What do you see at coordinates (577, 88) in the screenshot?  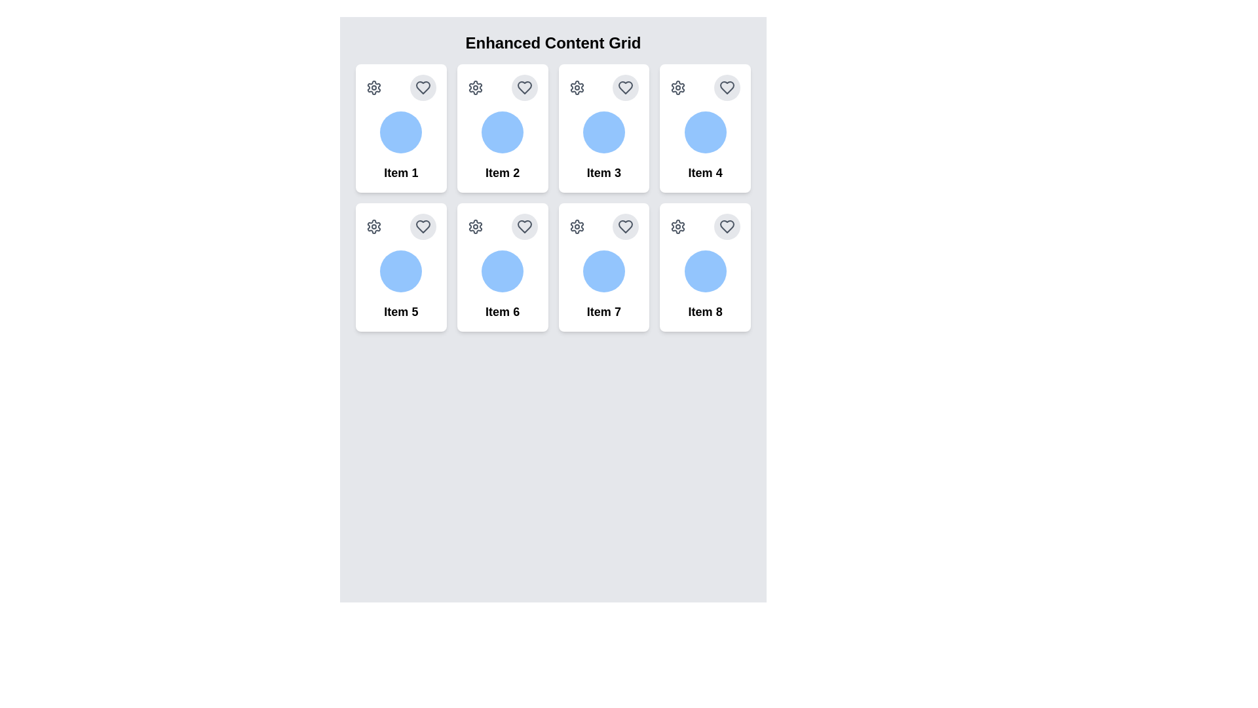 I see `the gray cogwheel icon located in the top-left corner of the card labeled 'Item 3'` at bounding box center [577, 88].